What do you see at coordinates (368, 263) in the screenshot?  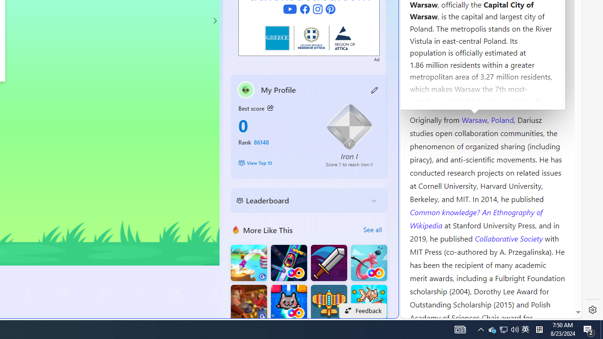 I see `'Balloon FRVR'` at bounding box center [368, 263].